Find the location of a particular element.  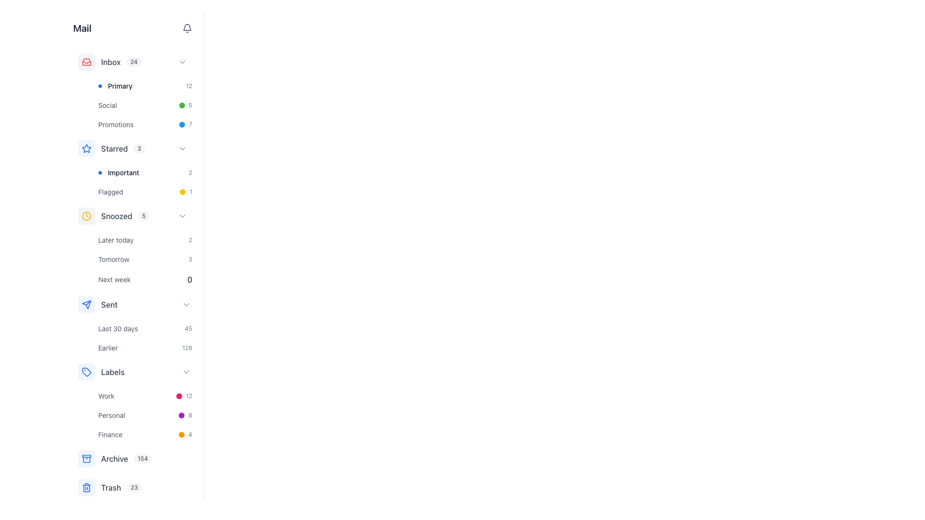

the 'Starred' category is located at coordinates (111, 148).